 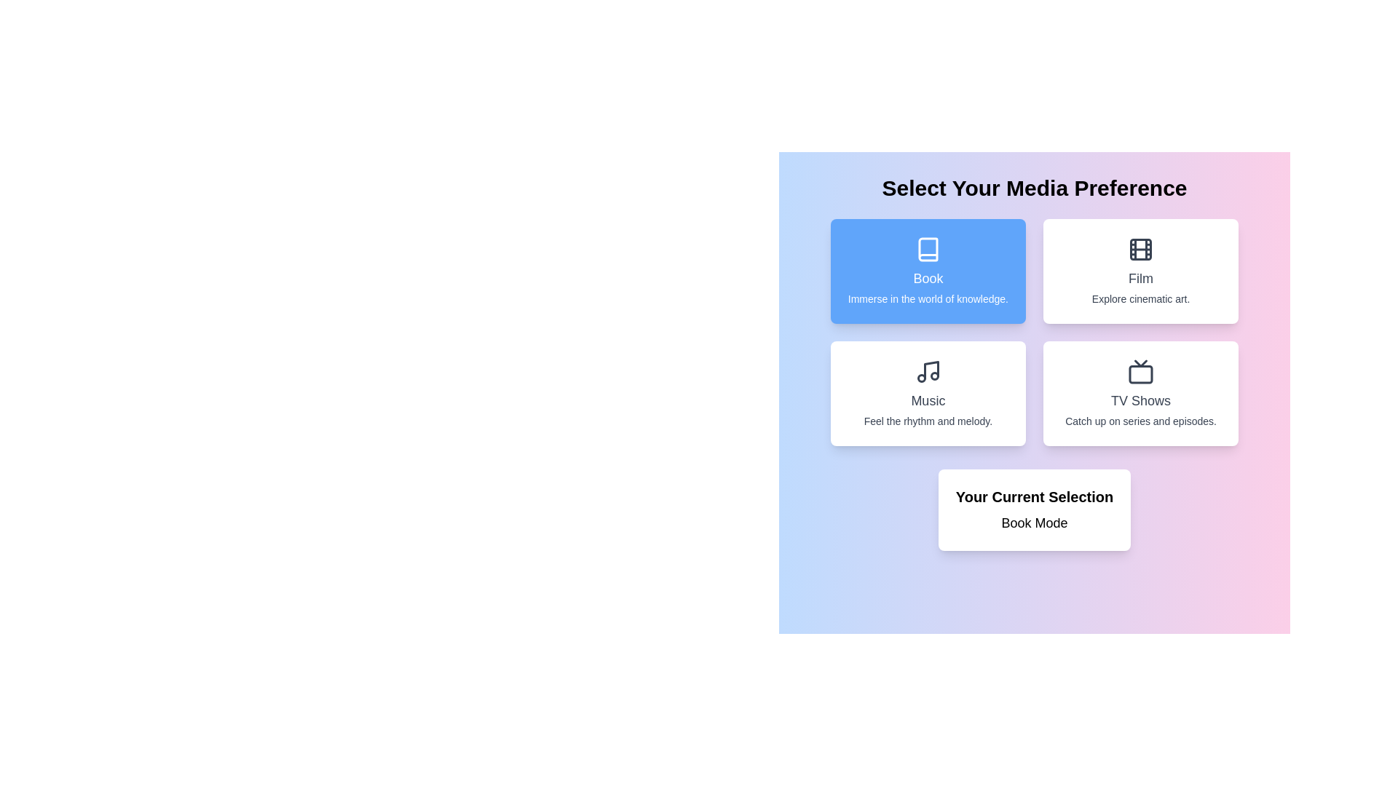 I want to click on the media preference Music by clicking on its corresponding button, so click(x=927, y=393).